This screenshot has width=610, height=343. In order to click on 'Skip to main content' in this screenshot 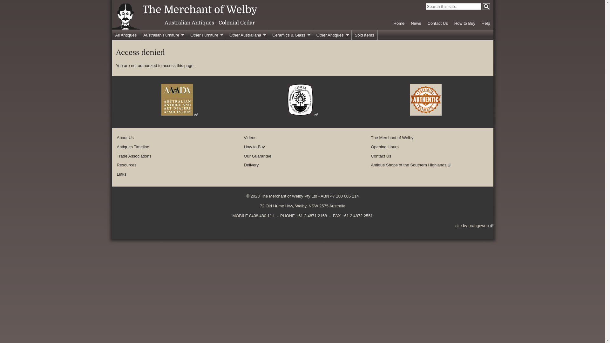, I will do `click(296, 0)`.